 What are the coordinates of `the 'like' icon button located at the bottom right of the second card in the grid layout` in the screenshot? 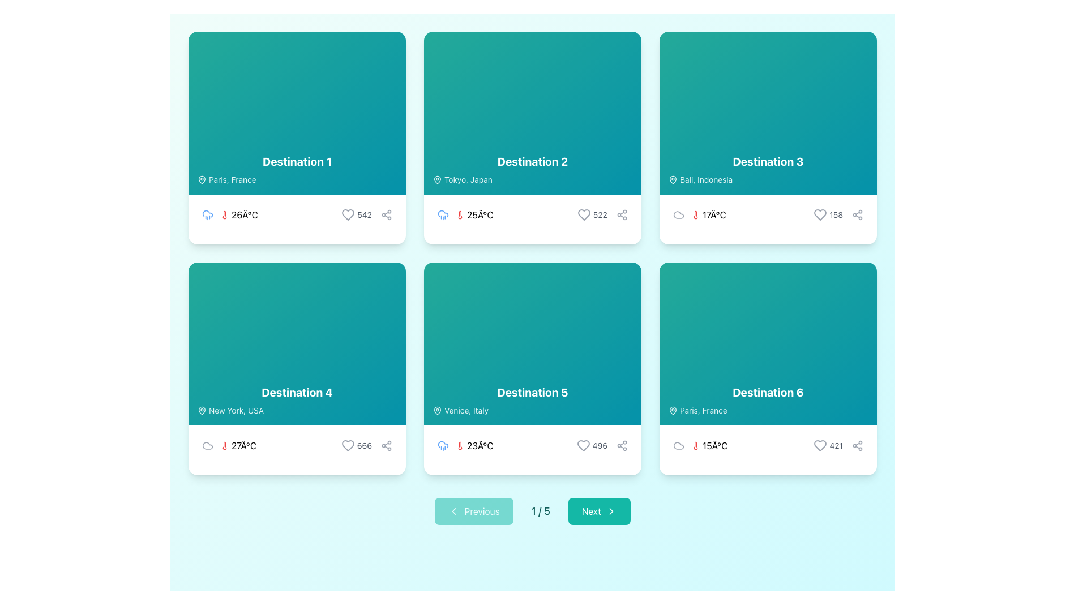 It's located at (584, 215).